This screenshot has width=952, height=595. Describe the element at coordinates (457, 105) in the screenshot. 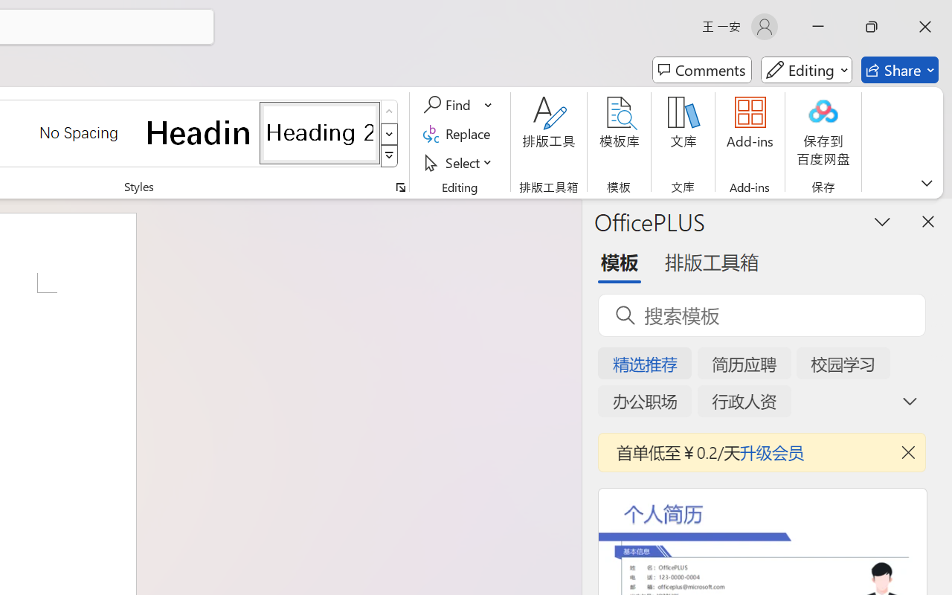

I see `'Find'` at that location.